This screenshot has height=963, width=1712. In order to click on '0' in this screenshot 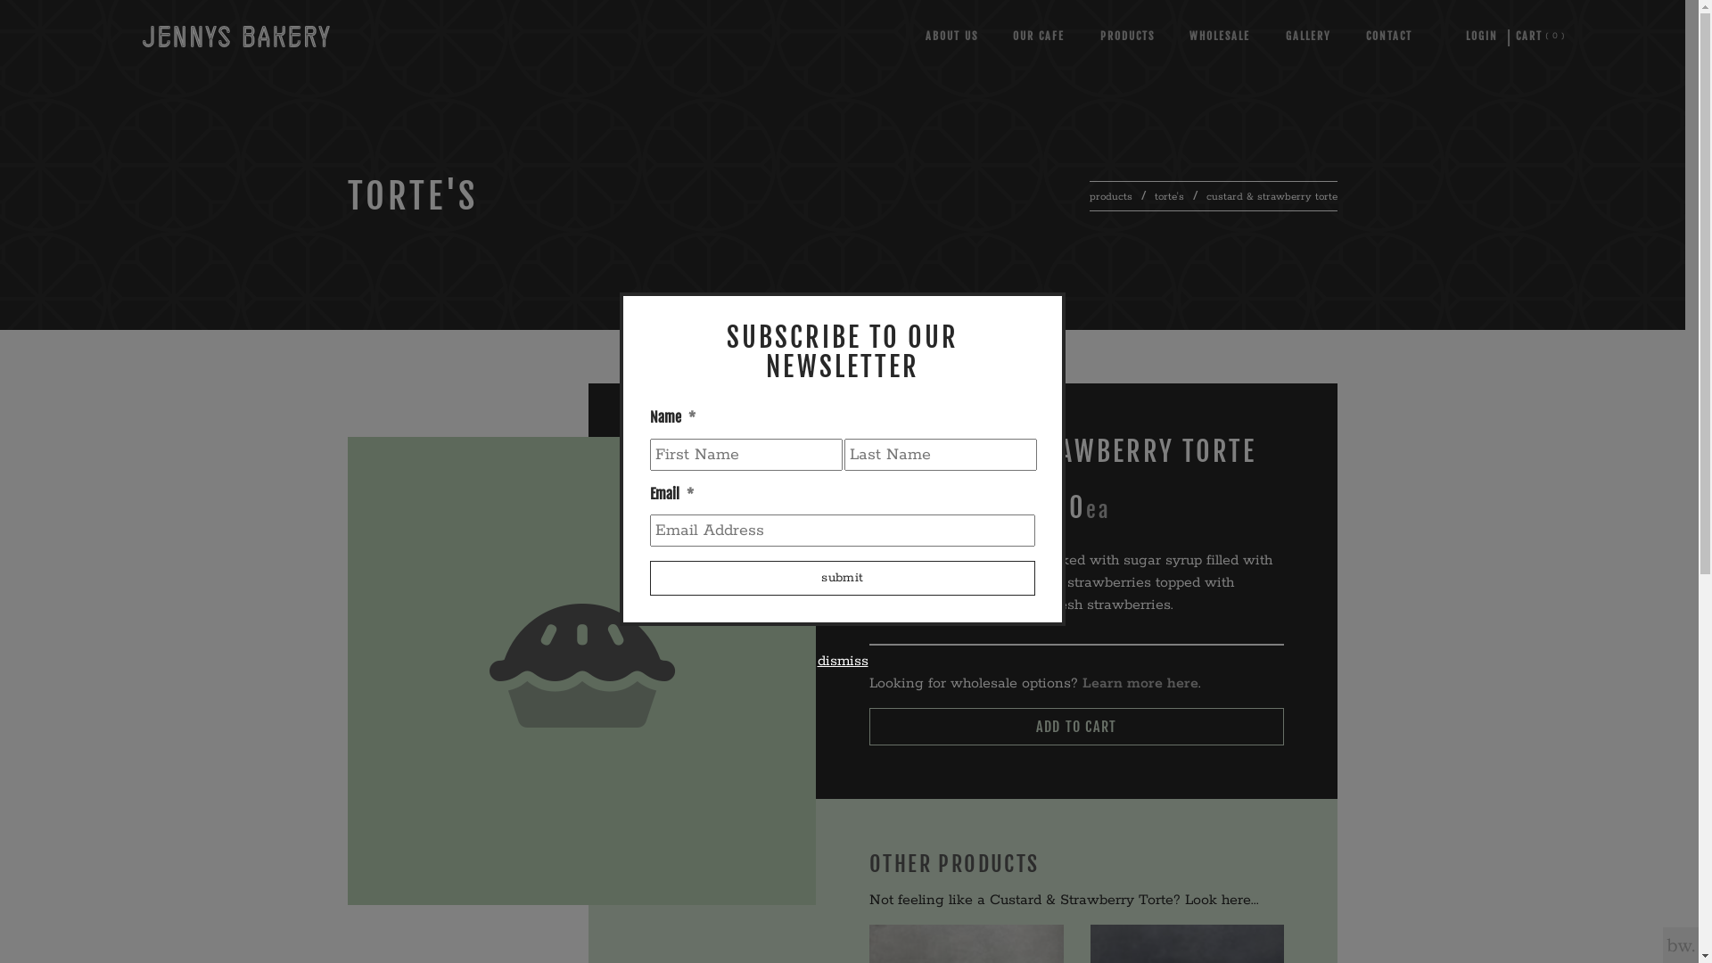, I will do `click(1527, 36)`.